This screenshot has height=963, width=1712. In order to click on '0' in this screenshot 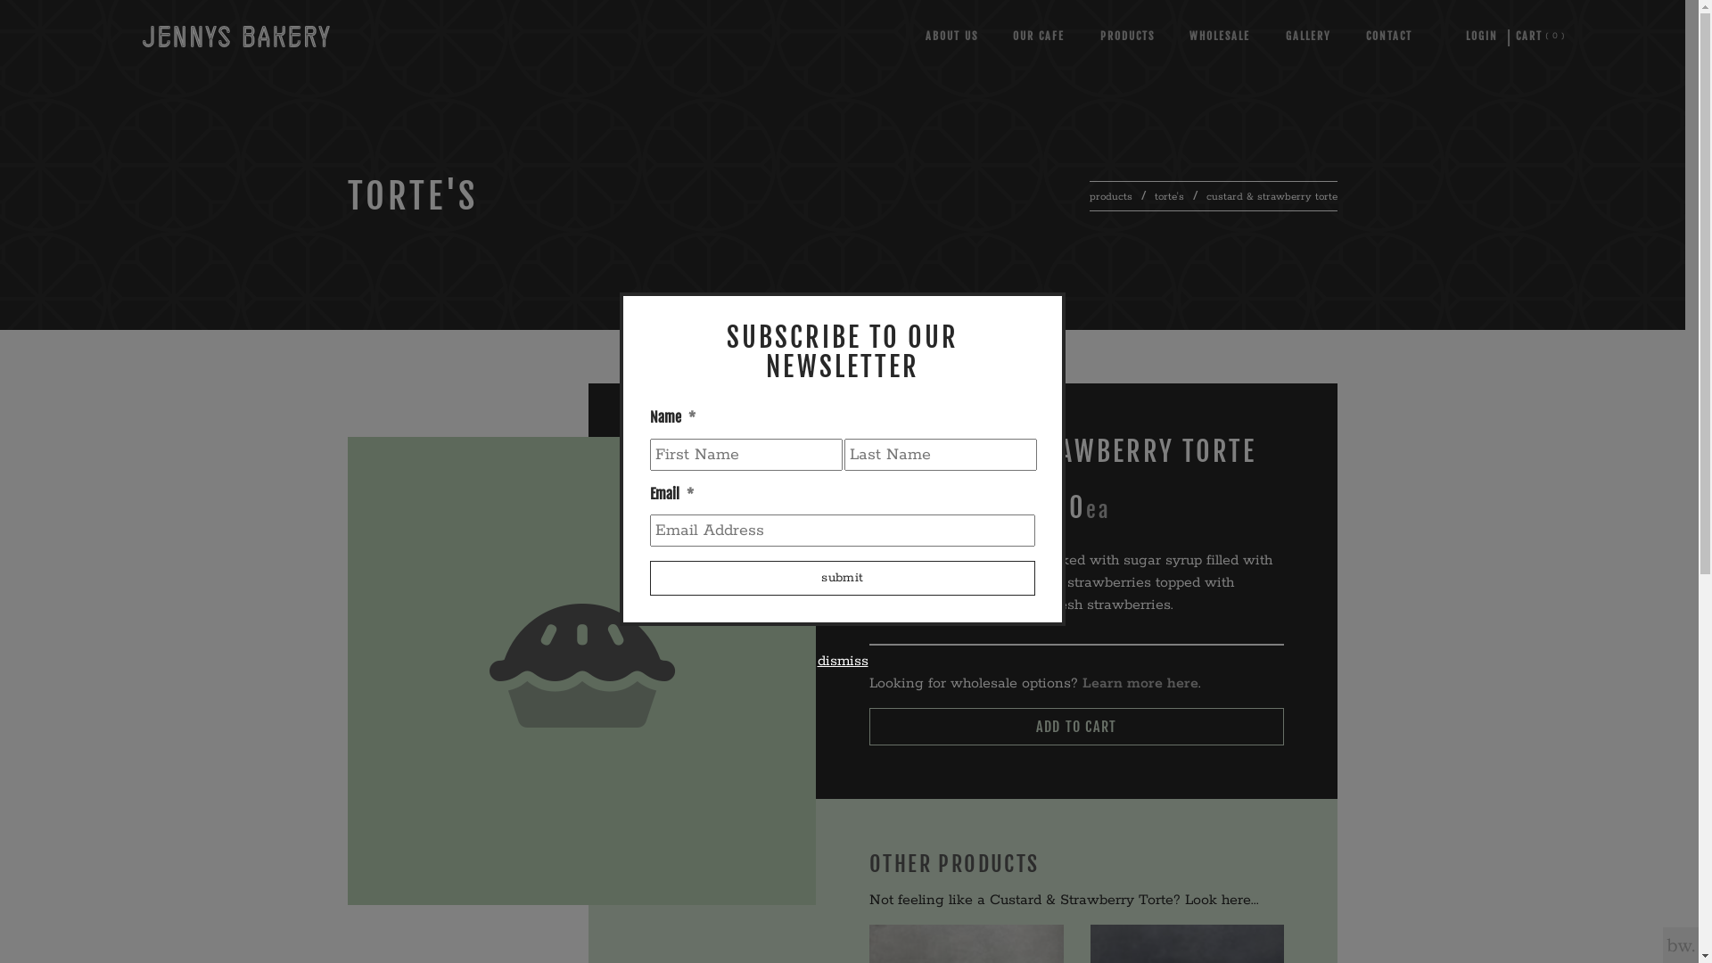, I will do `click(1527, 36)`.